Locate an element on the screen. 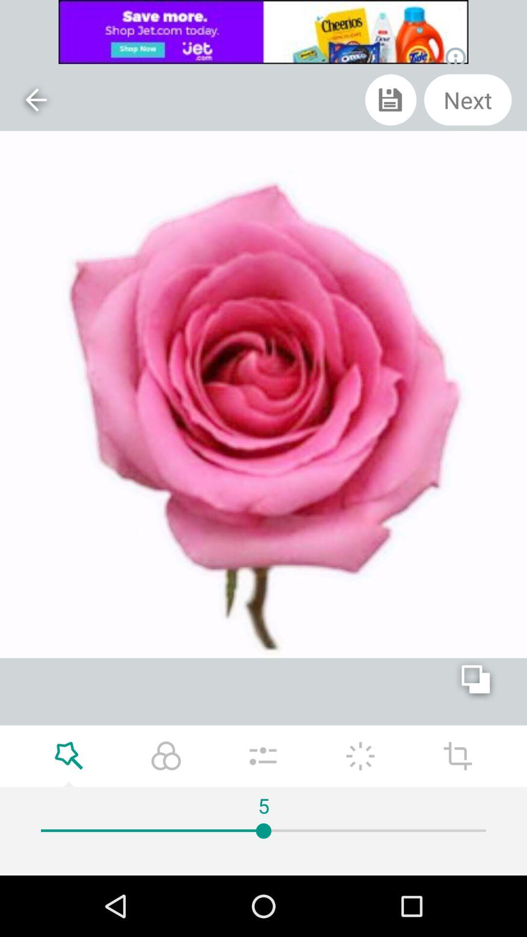 The height and width of the screenshot is (937, 527). rotate images is located at coordinates (458, 755).